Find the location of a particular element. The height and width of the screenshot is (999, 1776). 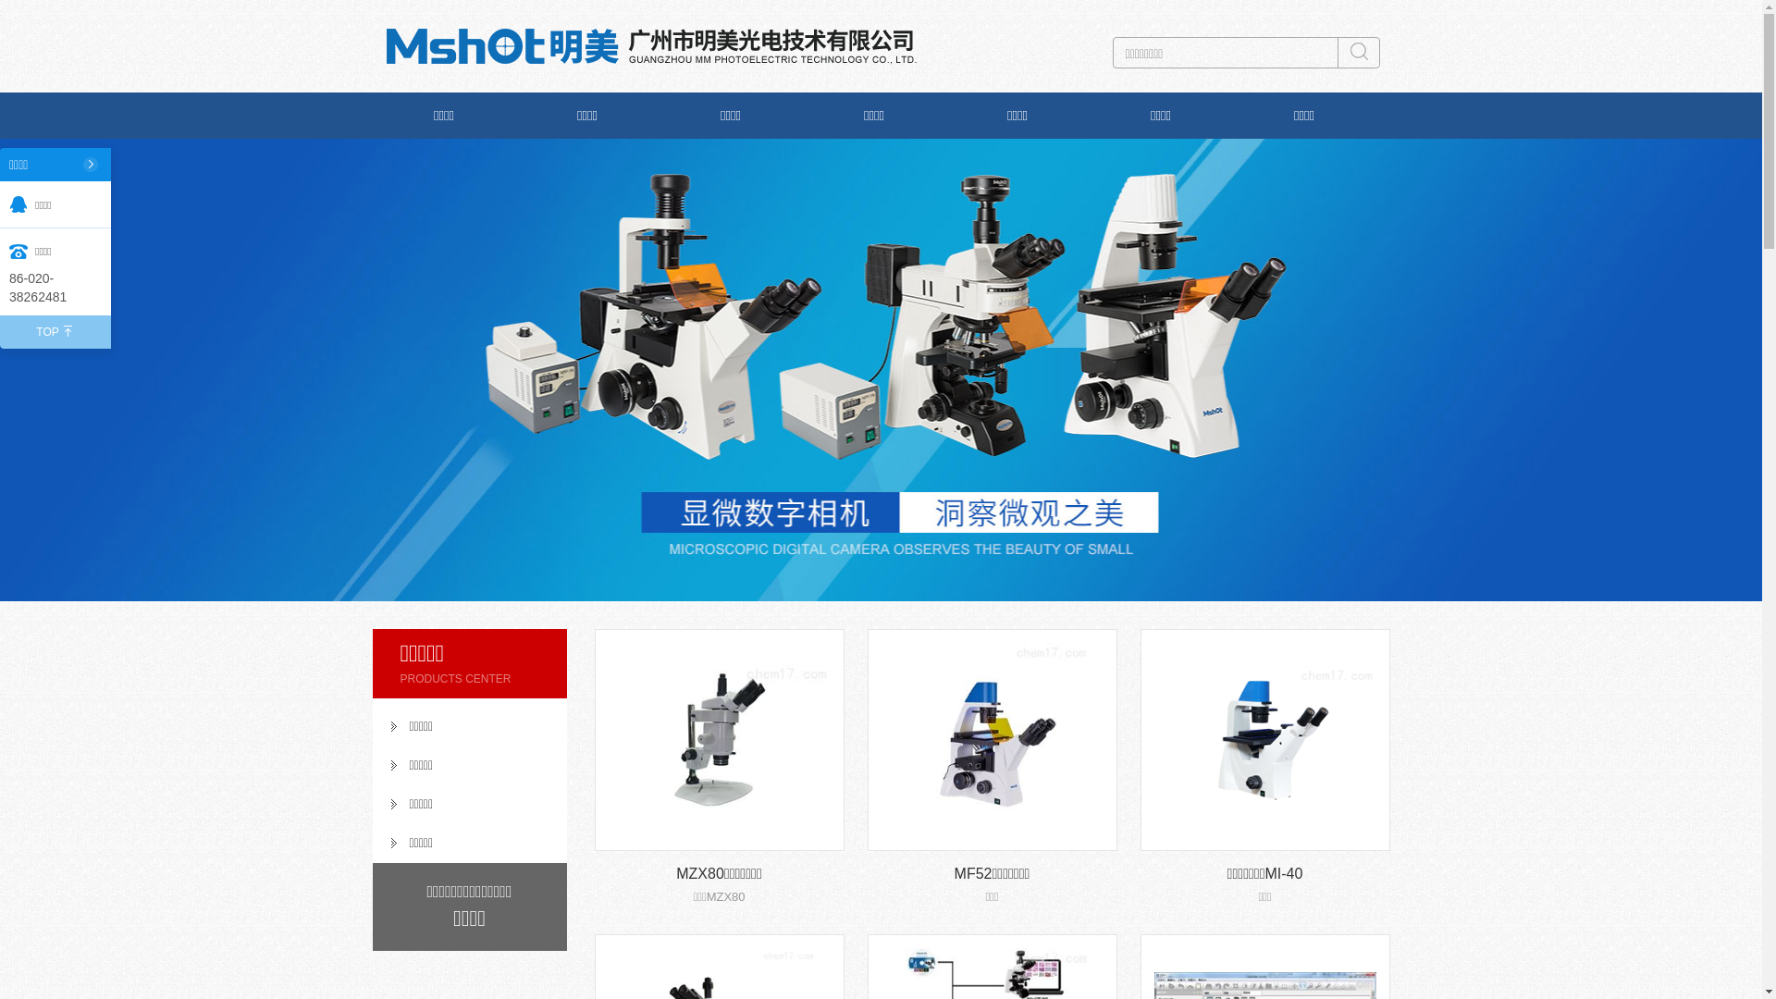

'86-020-38262481' is located at coordinates (55, 288).